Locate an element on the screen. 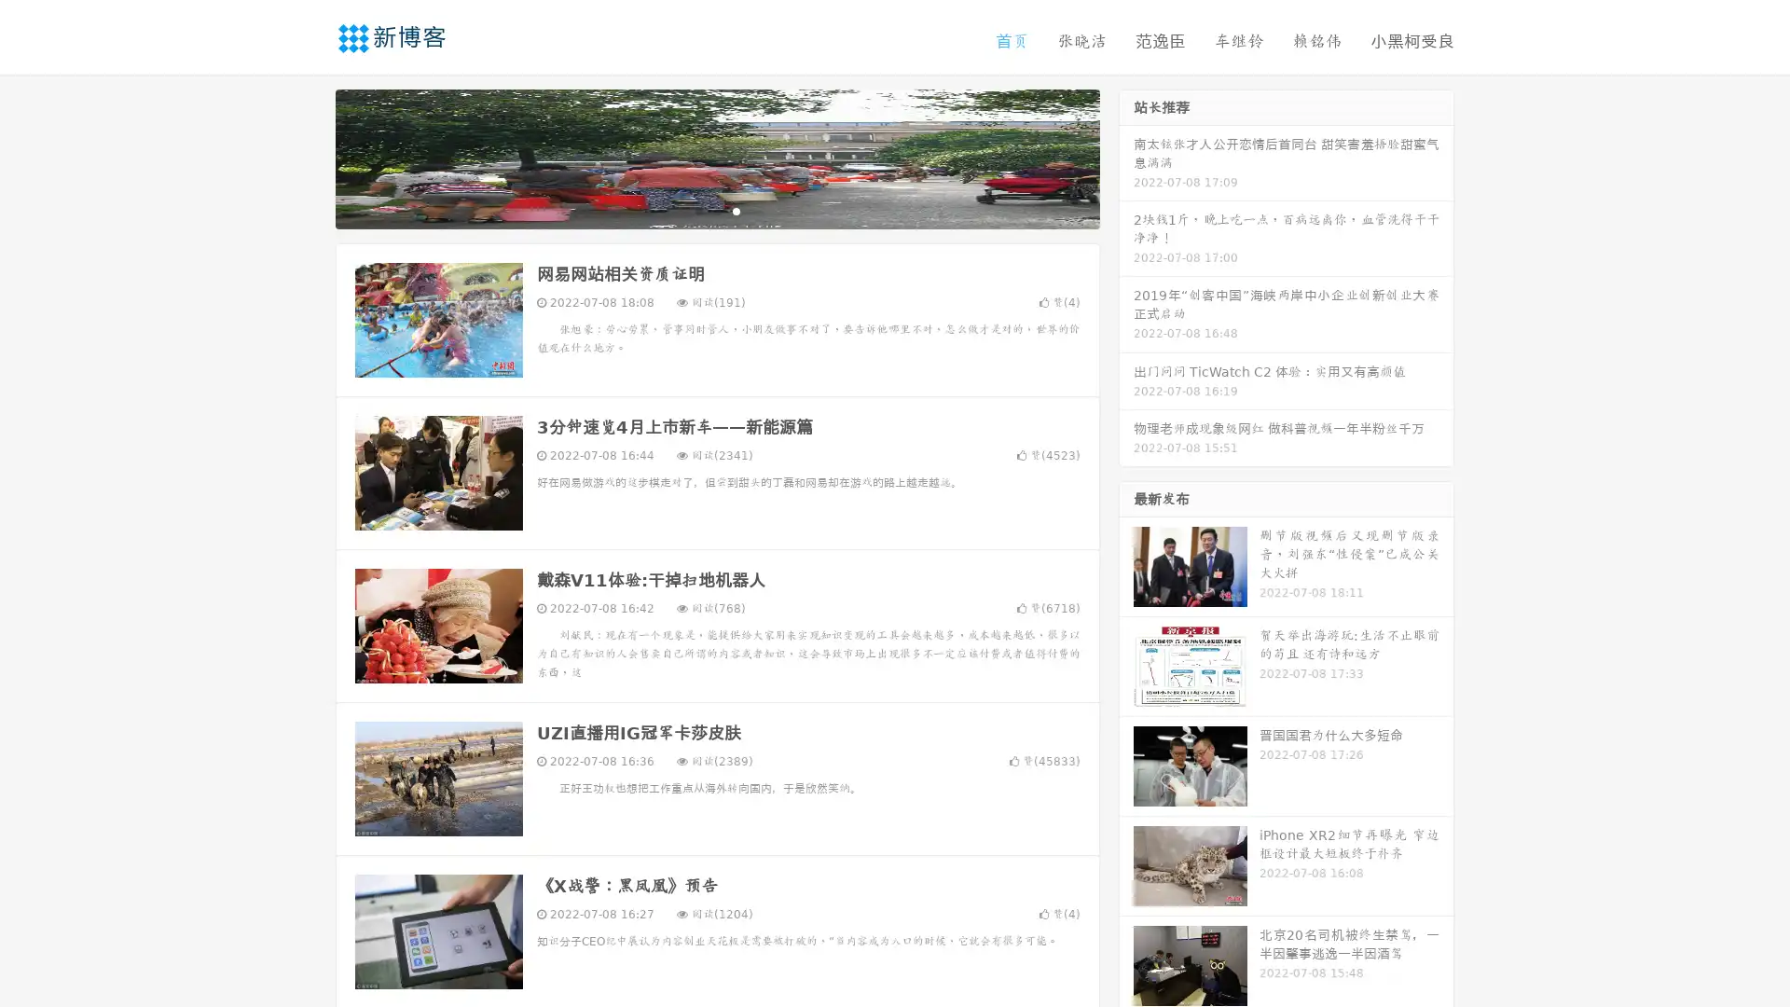 This screenshot has height=1007, width=1790. Go to slide 3 is located at coordinates (736, 210).